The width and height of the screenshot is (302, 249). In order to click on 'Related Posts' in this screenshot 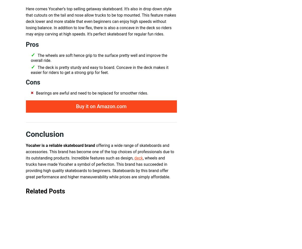, I will do `click(45, 191)`.